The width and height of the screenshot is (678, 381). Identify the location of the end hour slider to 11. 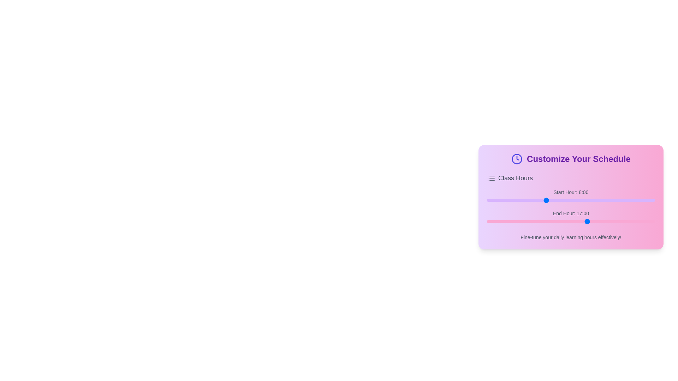
(521, 221).